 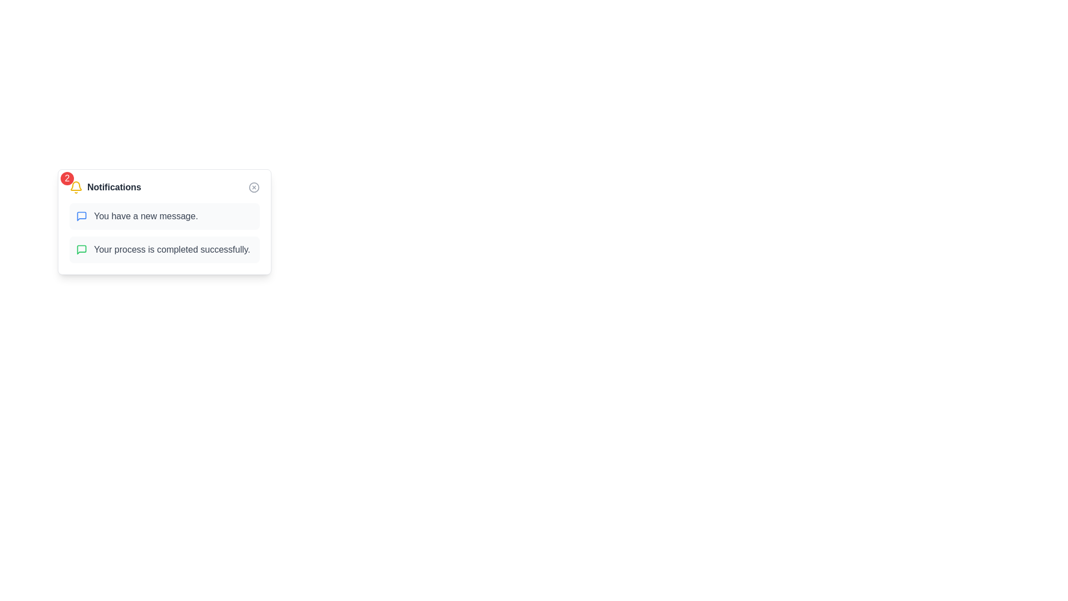 I want to click on the speech bubble-shaped graphic icon in green, which represents new messages within the notification card, so click(x=81, y=249).